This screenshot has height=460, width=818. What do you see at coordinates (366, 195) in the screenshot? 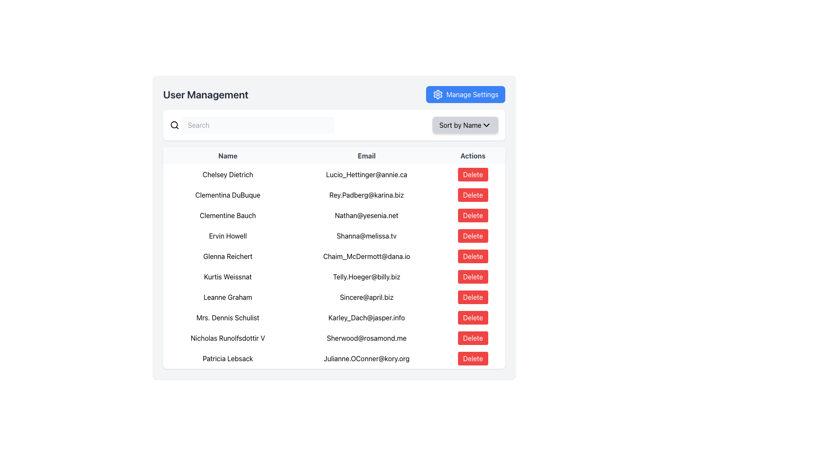
I see `the static text element displaying the email address 'Rey.Padberg@karina.biz' in the user management table` at bounding box center [366, 195].